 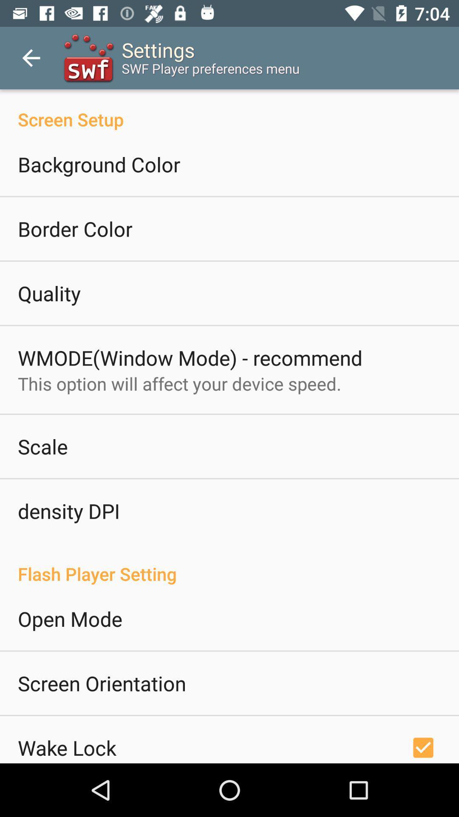 What do you see at coordinates (229, 110) in the screenshot?
I see `the item above the background color item` at bounding box center [229, 110].